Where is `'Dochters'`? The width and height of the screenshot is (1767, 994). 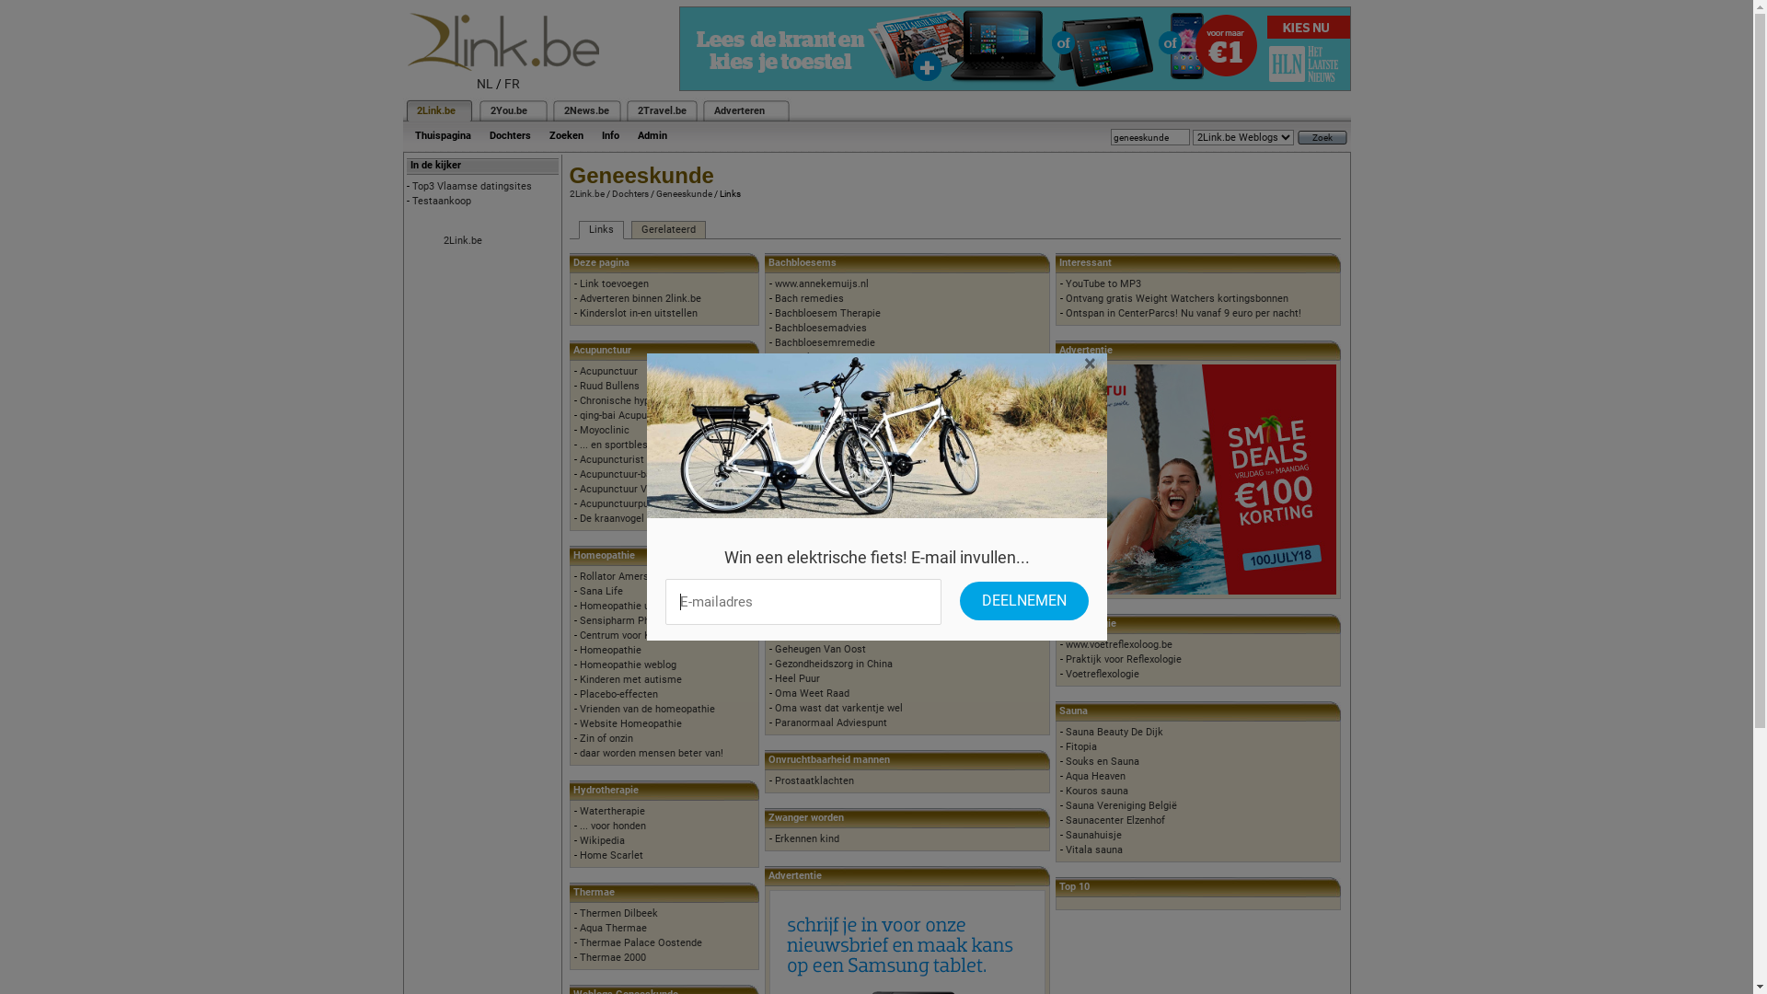
'Dochters' is located at coordinates (480, 134).